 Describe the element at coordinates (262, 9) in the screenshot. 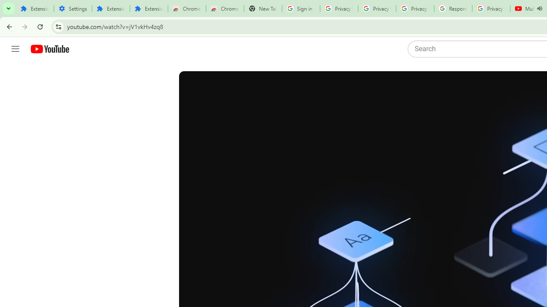

I see `'New Tab'` at that location.